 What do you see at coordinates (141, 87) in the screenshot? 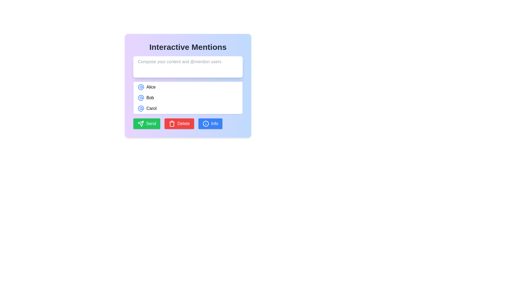
I see `the SVG icon element preceding the name 'Alice' in the first row of the list visually` at bounding box center [141, 87].